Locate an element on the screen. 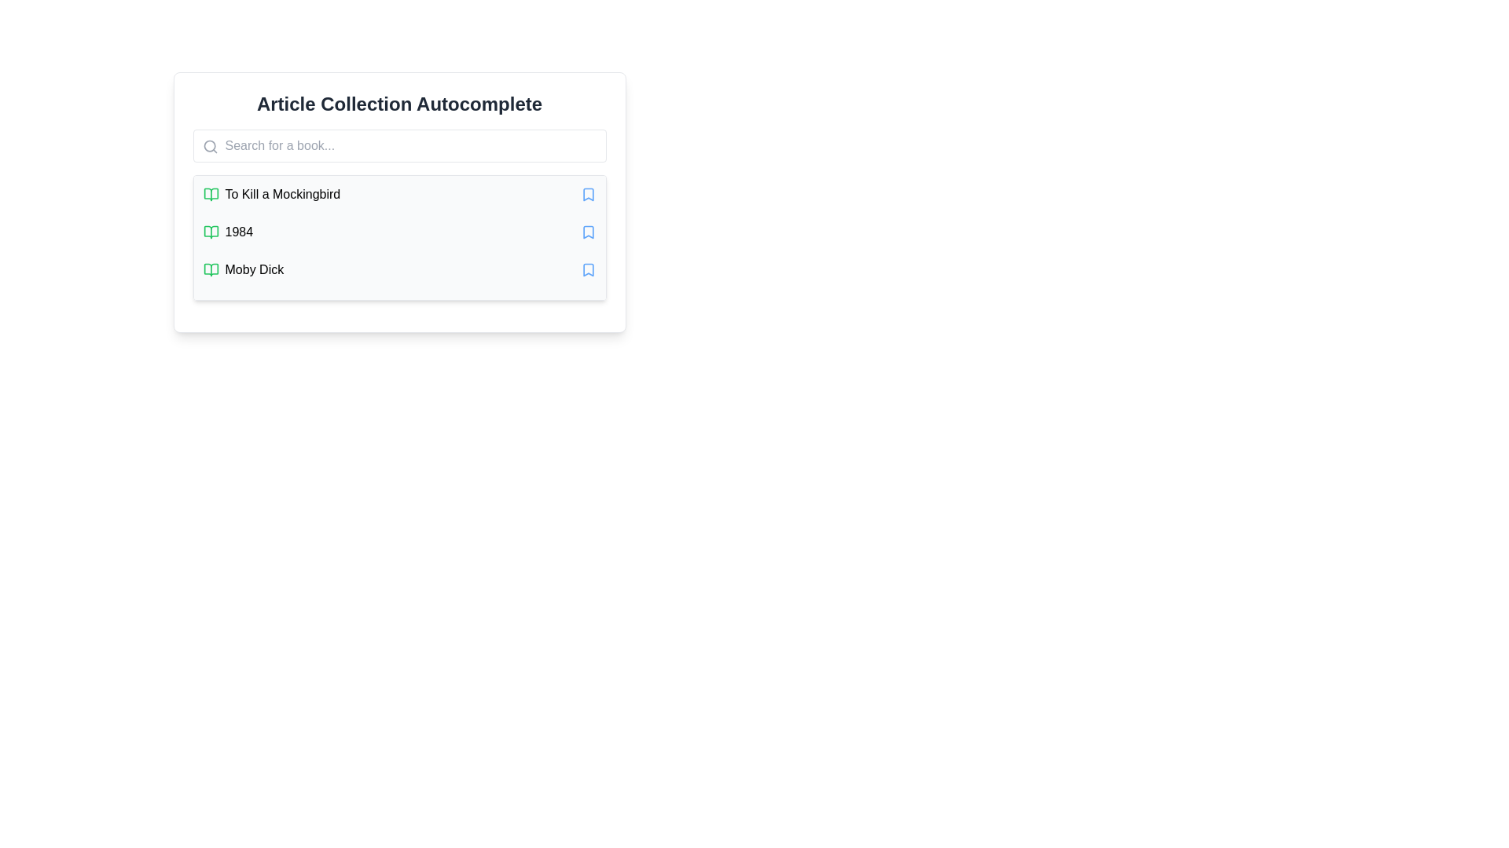  the leftmost icon representing the book 'Moby Dick' in the list of books is located at coordinates (210, 269).